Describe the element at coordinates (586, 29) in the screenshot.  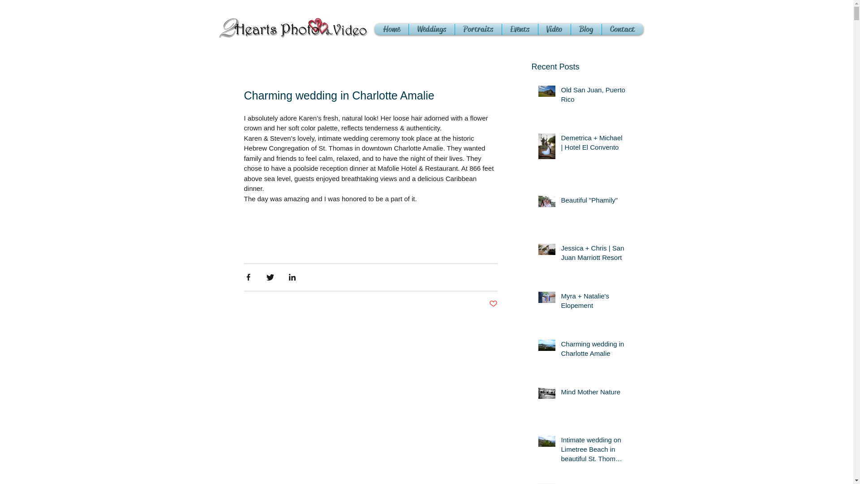
I see `'Blog'` at that location.